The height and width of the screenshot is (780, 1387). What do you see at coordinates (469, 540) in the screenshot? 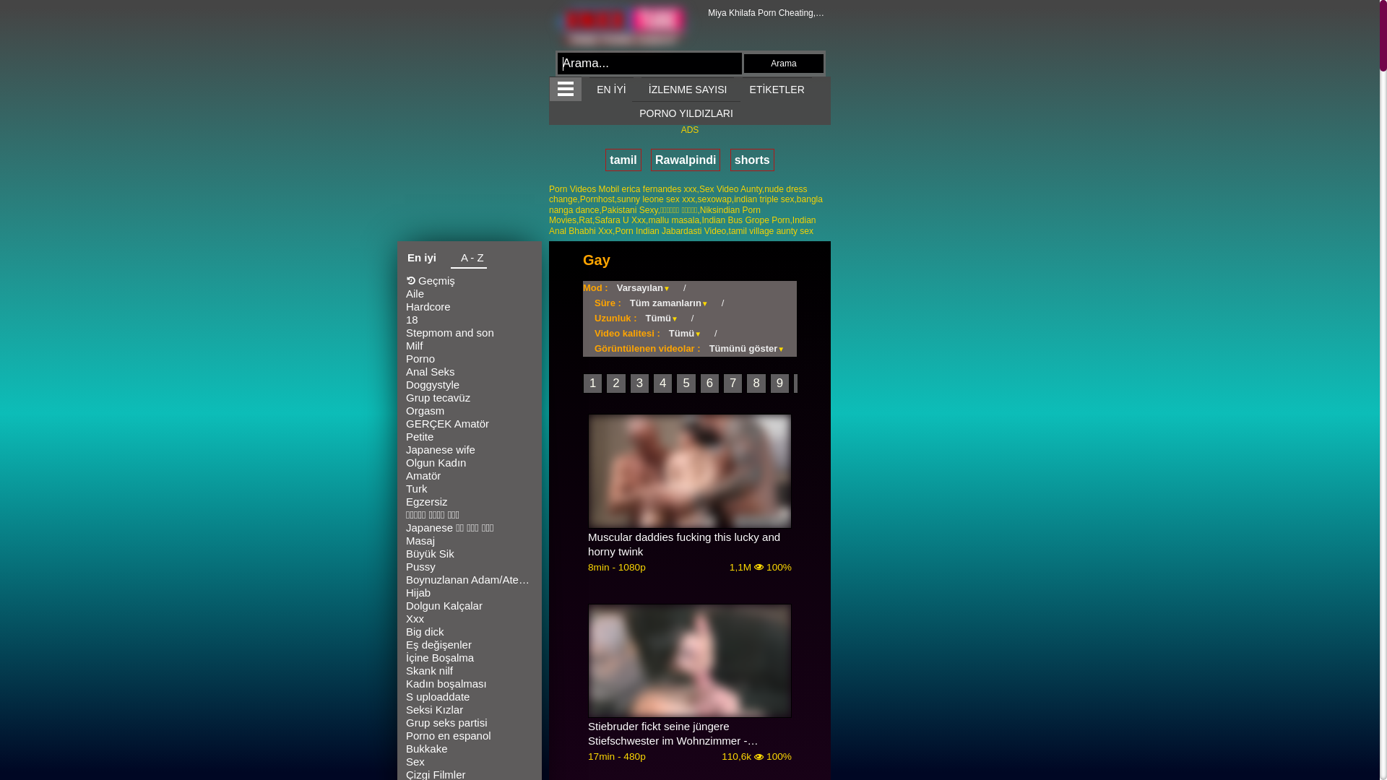
I see `'Masaj'` at bounding box center [469, 540].